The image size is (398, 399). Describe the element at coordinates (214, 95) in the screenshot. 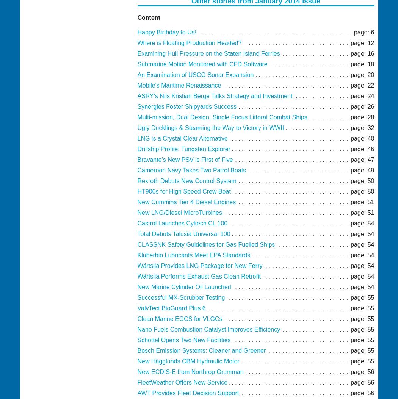

I see `'ASRY's Nils Kristian Berge Talks Strategy and Investment'` at that location.